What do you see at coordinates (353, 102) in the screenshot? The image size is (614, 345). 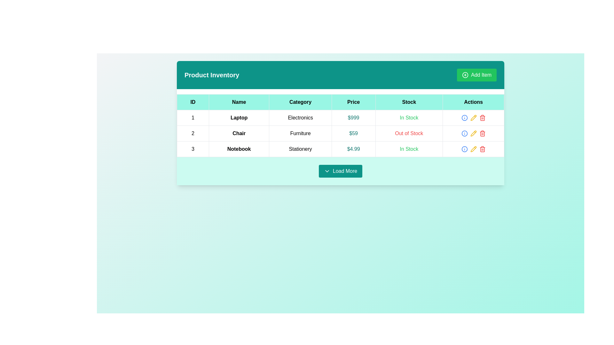 I see `the 'Price' table header cell, which is the fourth column header in a table displaying product attributes, with a light green background and bold black text` at bounding box center [353, 102].